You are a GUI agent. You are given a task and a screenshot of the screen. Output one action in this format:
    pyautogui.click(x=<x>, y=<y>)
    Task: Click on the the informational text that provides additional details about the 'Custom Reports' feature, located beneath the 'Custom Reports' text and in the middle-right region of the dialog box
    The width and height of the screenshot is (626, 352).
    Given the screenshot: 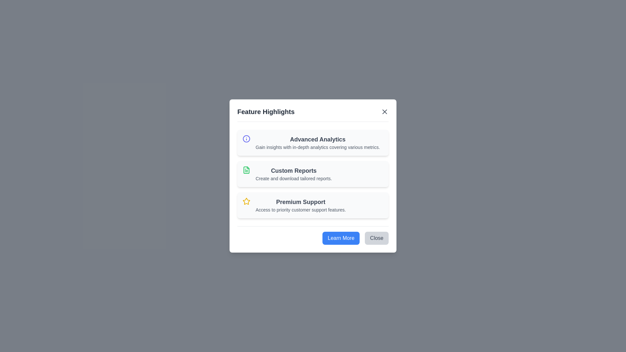 What is the action you would take?
    pyautogui.click(x=293, y=178)
    